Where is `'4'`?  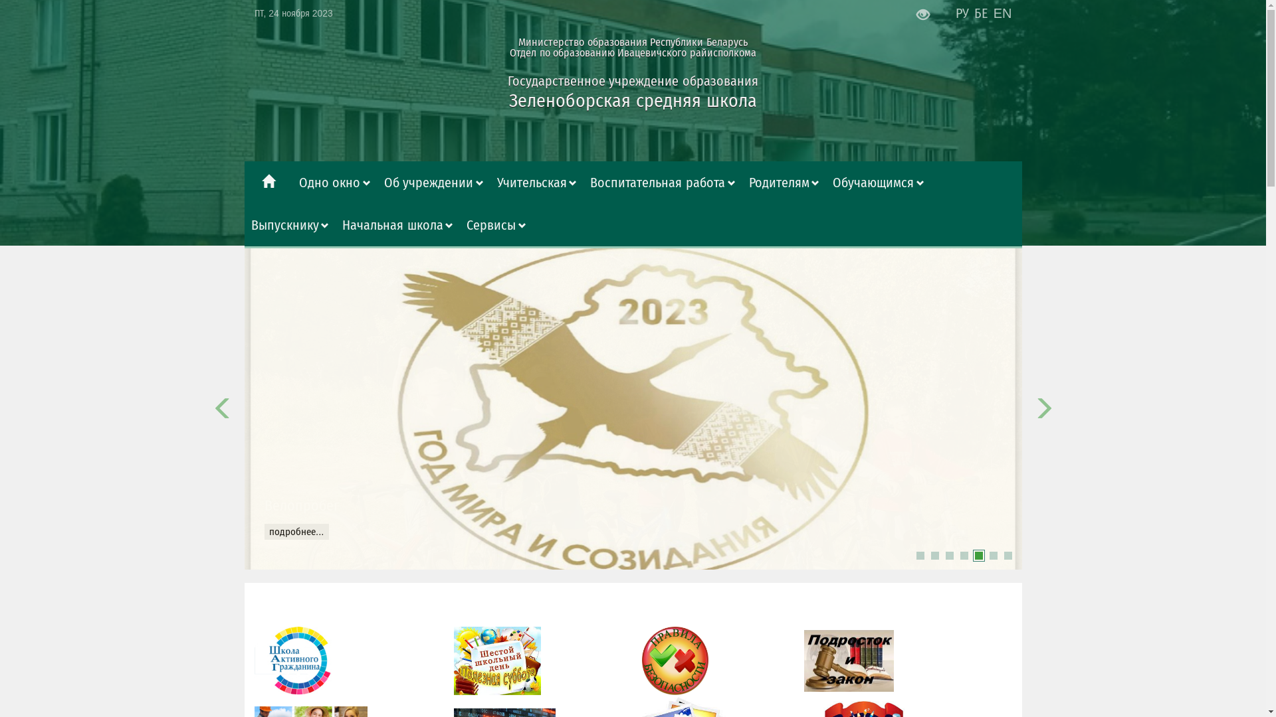 '4' is located at coordinates (963, 556).